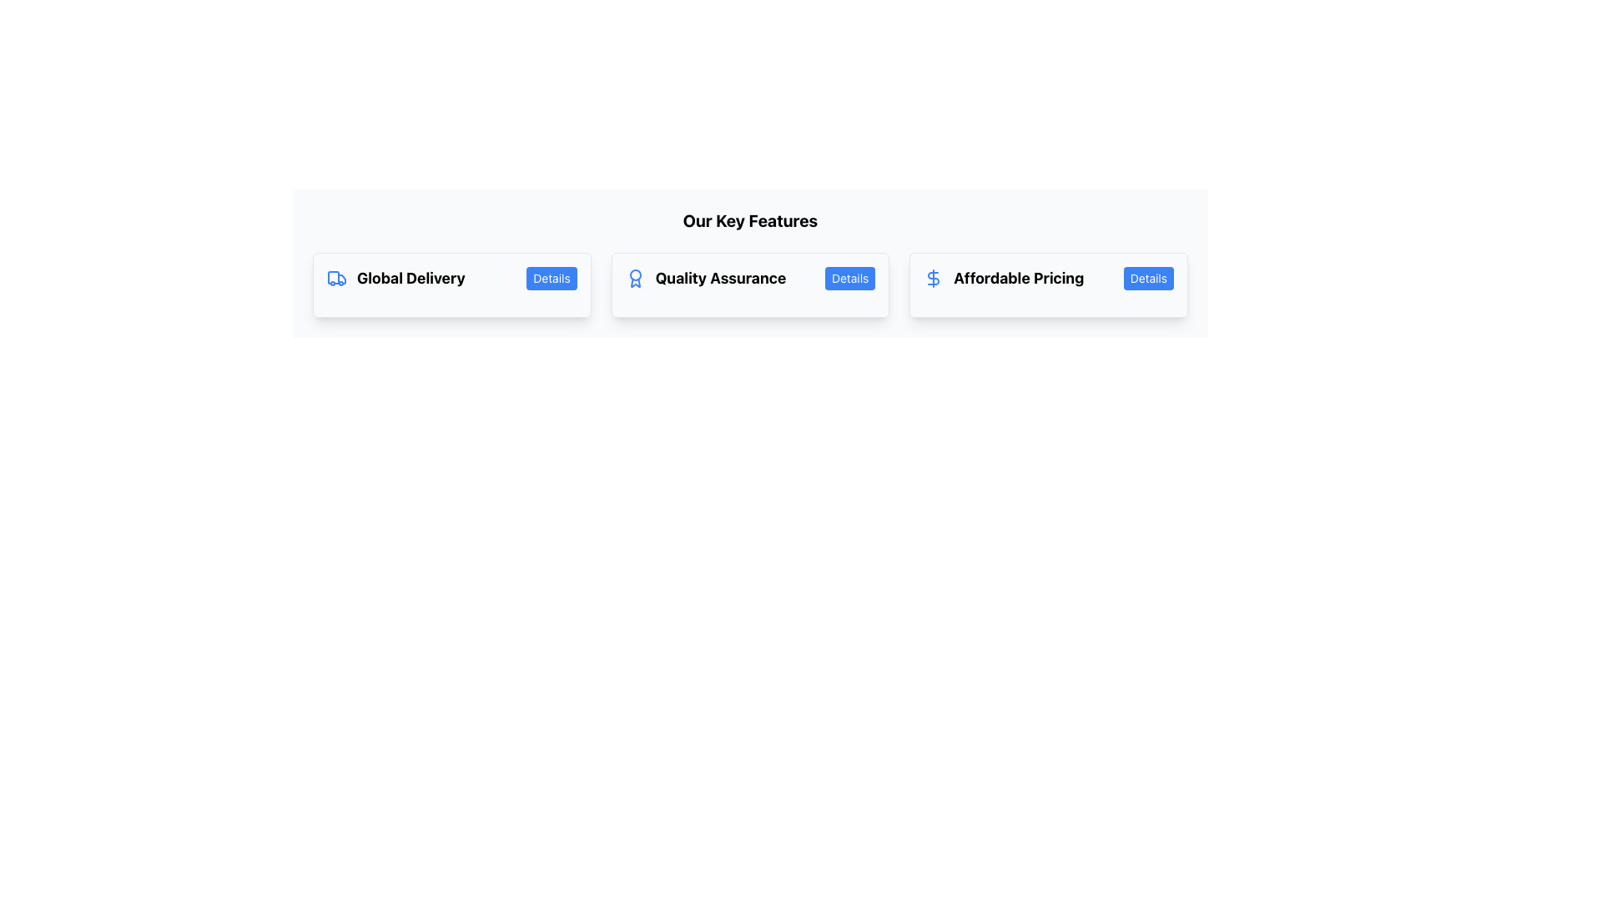 The image size is (1602, 901). What do you see at coordinates (1018, 278) in the screenshot?
I see `text label that describes the 'Affordable Pricing' feature, positioned to the right of a blue dollar icon and to the left of a 'Details' button within the highlighted list of key offerings` at bounding box center [1018, 278].